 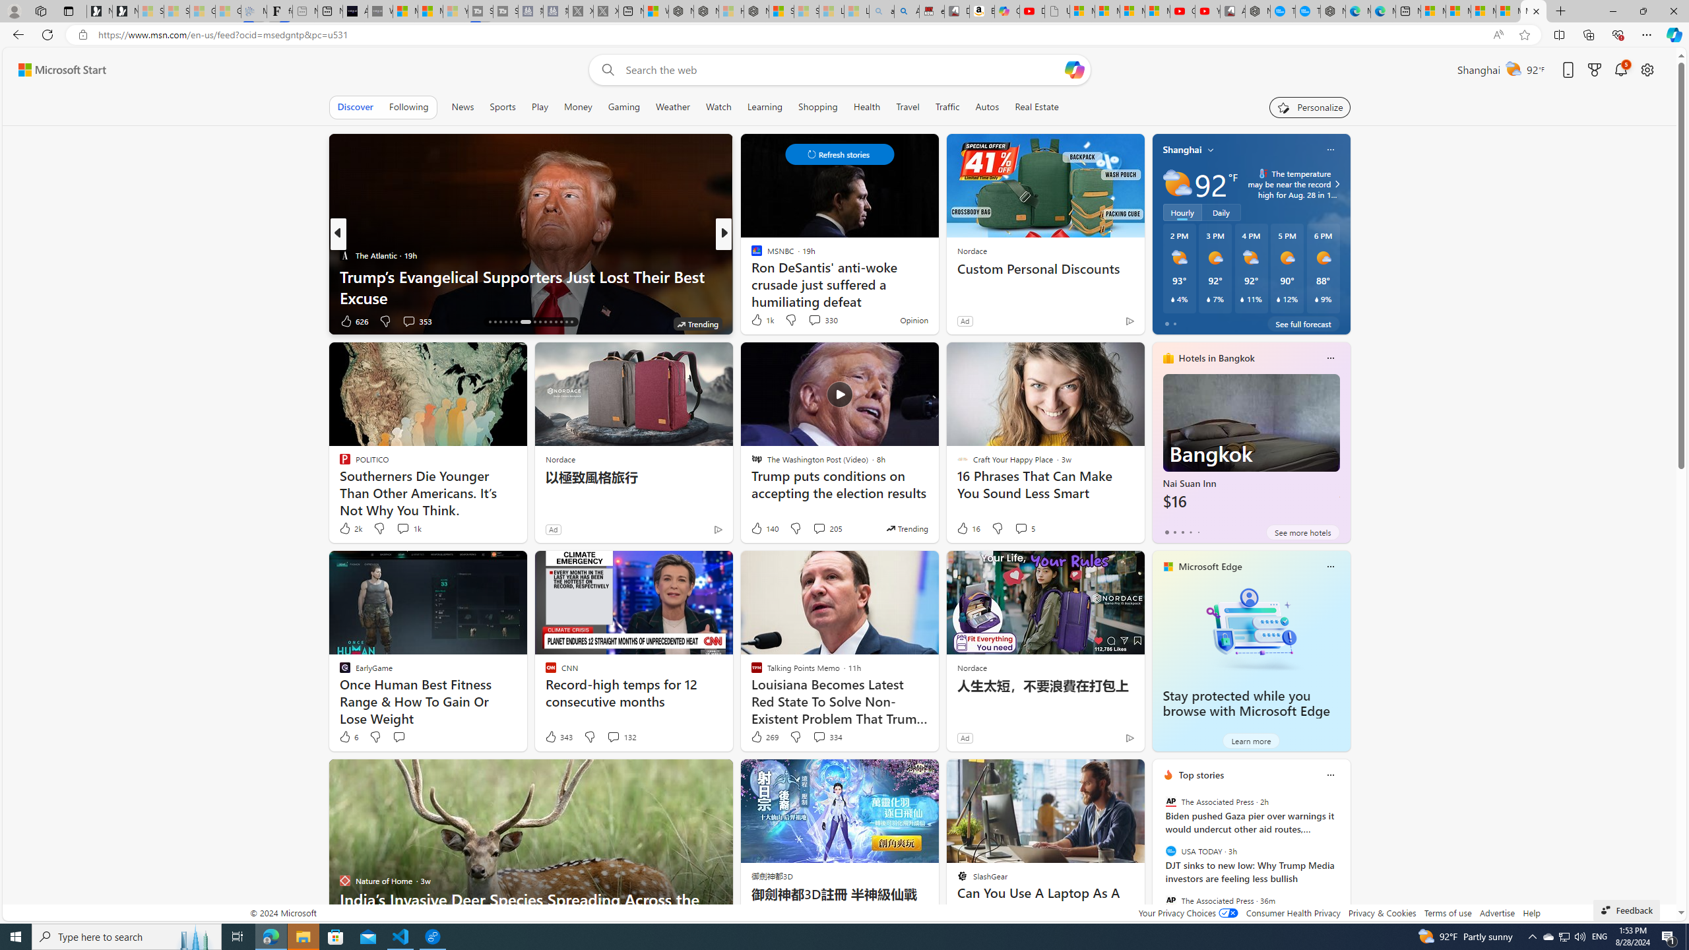 I want to click on 'tab-4', so click(x=1197, y=532).